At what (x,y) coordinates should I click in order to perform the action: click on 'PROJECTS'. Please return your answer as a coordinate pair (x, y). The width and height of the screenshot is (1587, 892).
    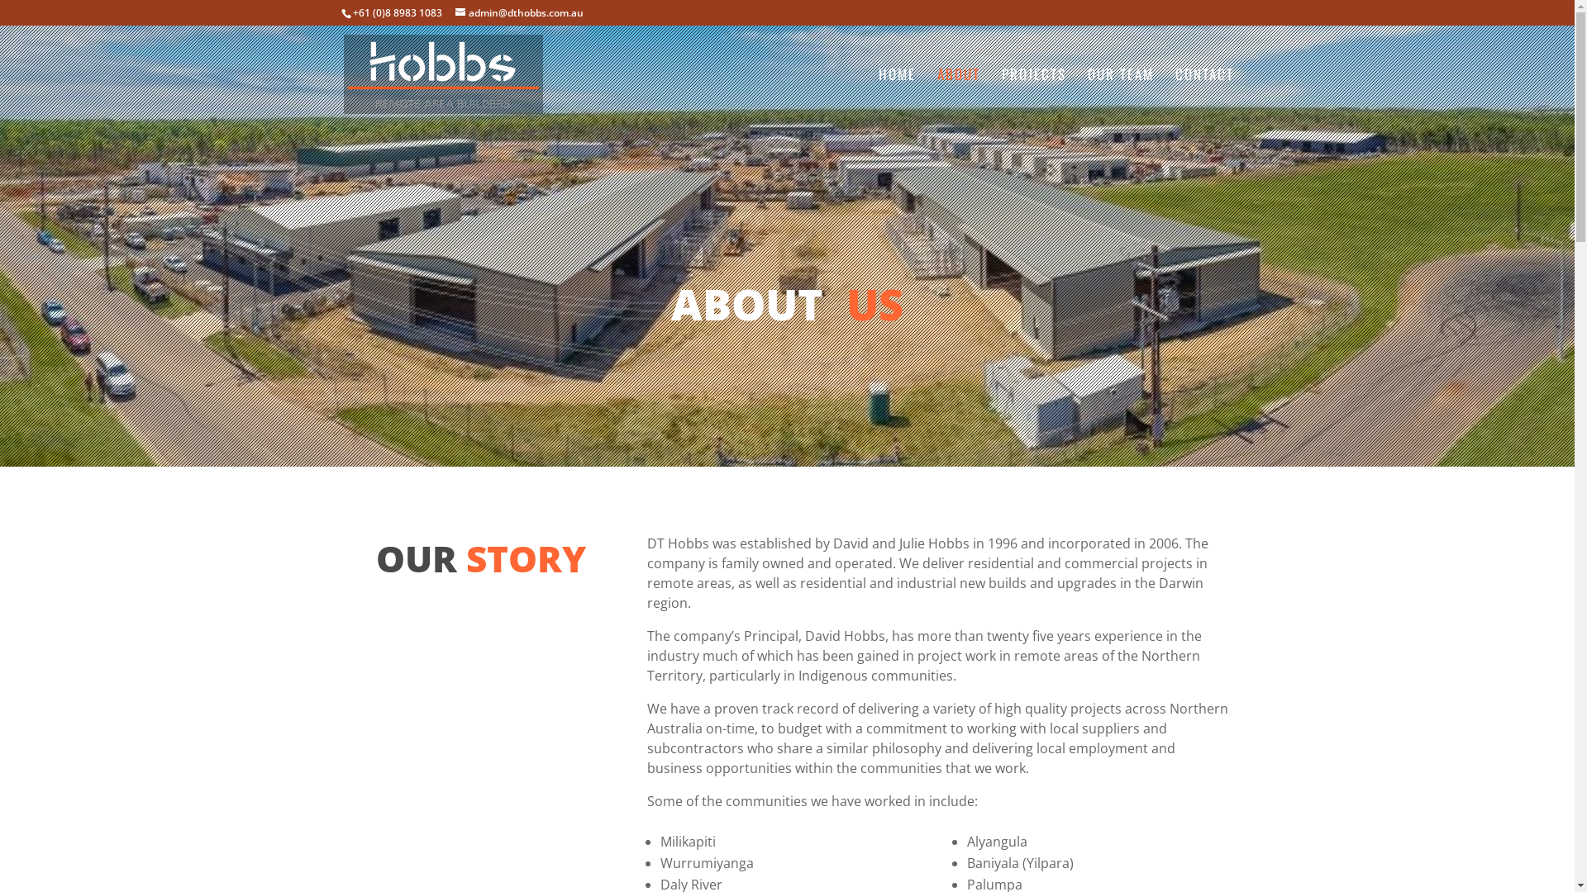
    Looking at the image, I should click on (1033, 95).